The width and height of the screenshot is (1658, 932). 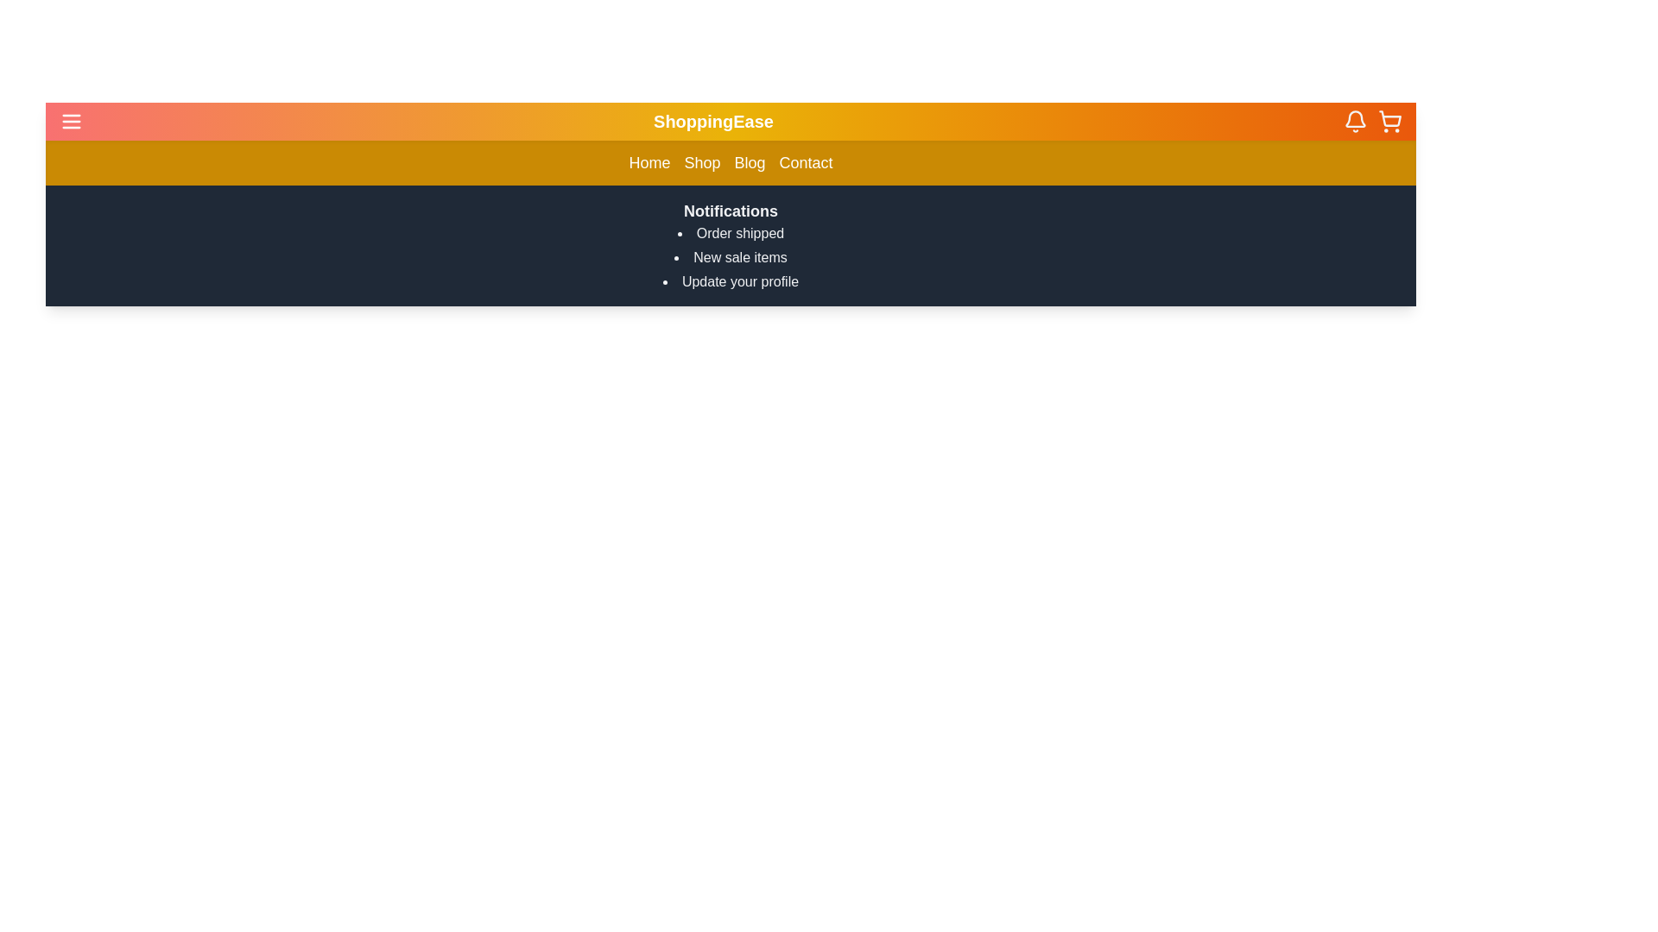 I want to click on the static text label located centrally within the header bar, which represents the application’s name or brand, so click(x=713, y=121).